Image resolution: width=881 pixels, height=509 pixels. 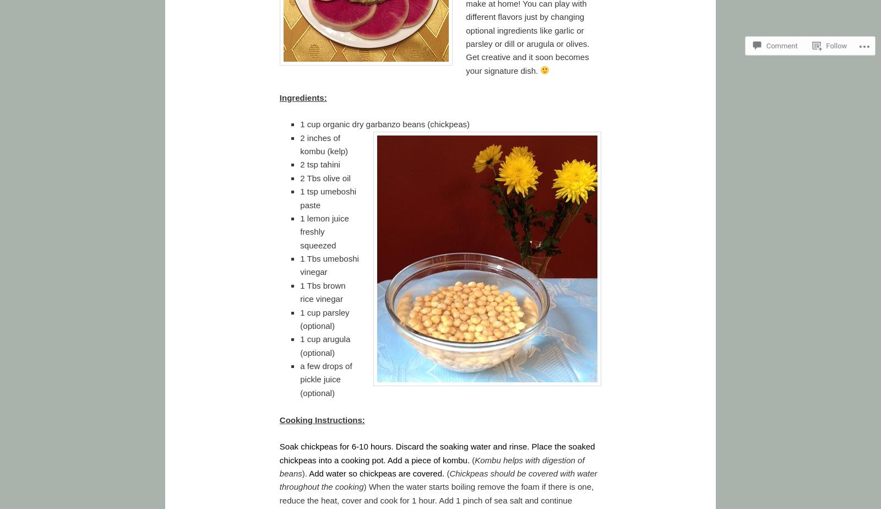 I want to click on 'ans (chickpeas)', so click(x=440, y=124).